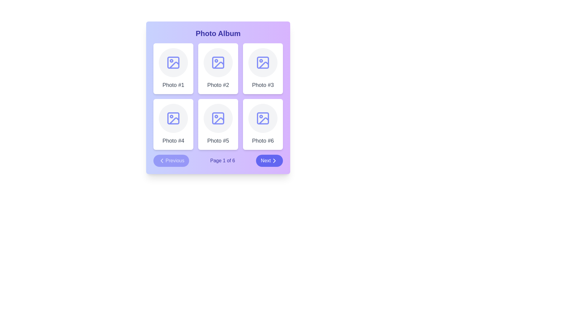  I want to click on the first card in the photo album interface, so click(173, 68).